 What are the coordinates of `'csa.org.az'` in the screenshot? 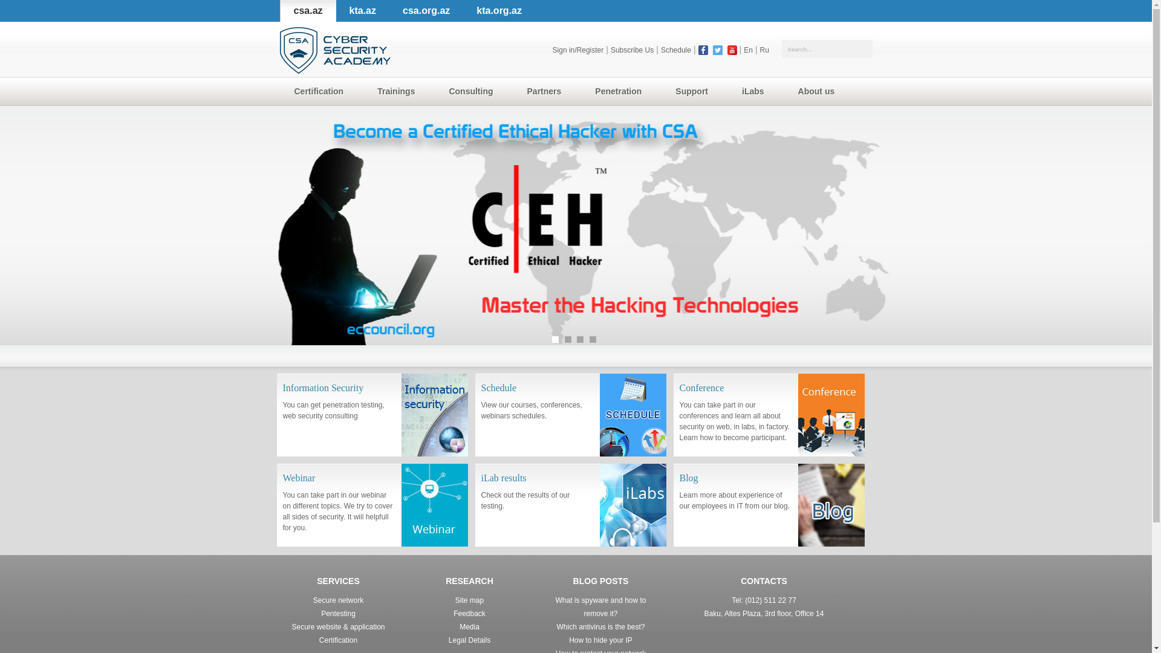 It's located at (426, 11).